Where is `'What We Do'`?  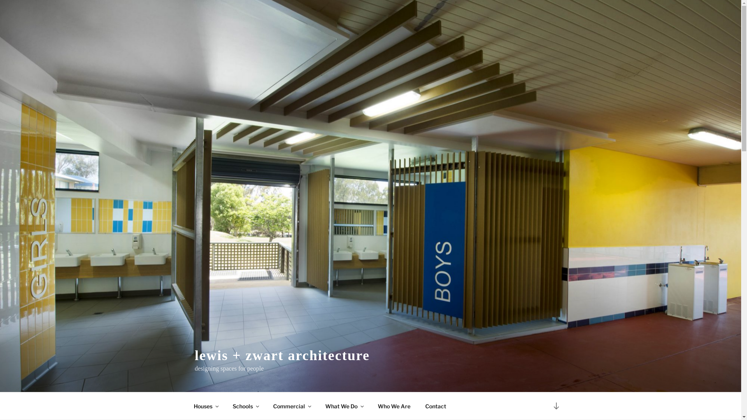
'What We Do' is located at coordinates (318, 406).